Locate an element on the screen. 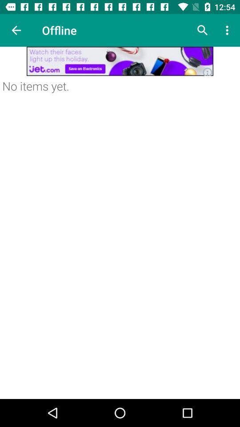  search is located at coordinates (202, 30).